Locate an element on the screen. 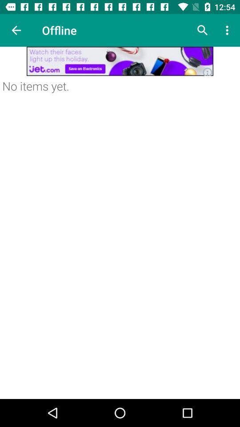  search is located at coordinates (202, 30).